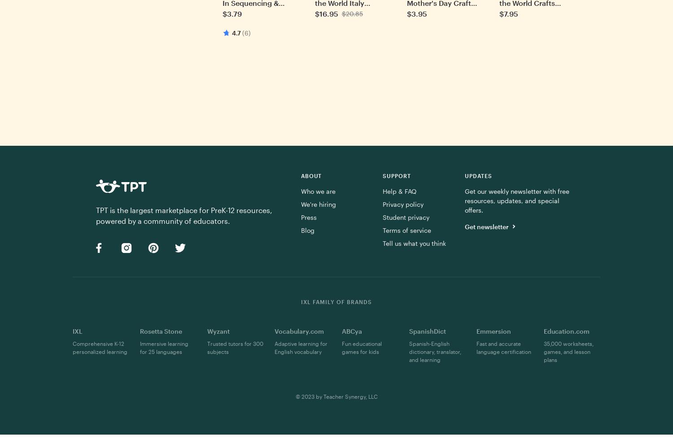 The image size is (673, 440). What do you see at coordinates (73, 347) in the screenshot?
I see `'Comprehensive K-12 personalized learning'` at bounding box center [73, 347].